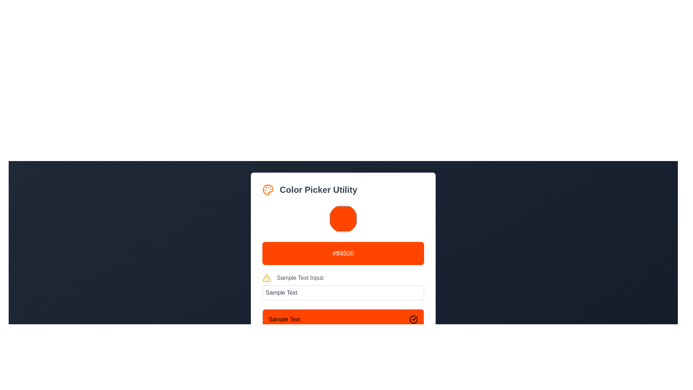  I want to click on the display component styled as a non-interactive button that shows the selected color code, located below the color circle and above the 'Sample Text Input' section in the 'Color Picker Utility' card, so click(343, 253).